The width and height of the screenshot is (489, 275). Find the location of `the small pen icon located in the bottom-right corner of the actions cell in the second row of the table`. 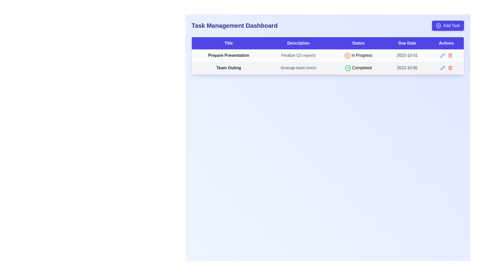

the small pen icon located in the bottom-right corner of the actions cell in the second row of the table is located at coordinates (442, 56).